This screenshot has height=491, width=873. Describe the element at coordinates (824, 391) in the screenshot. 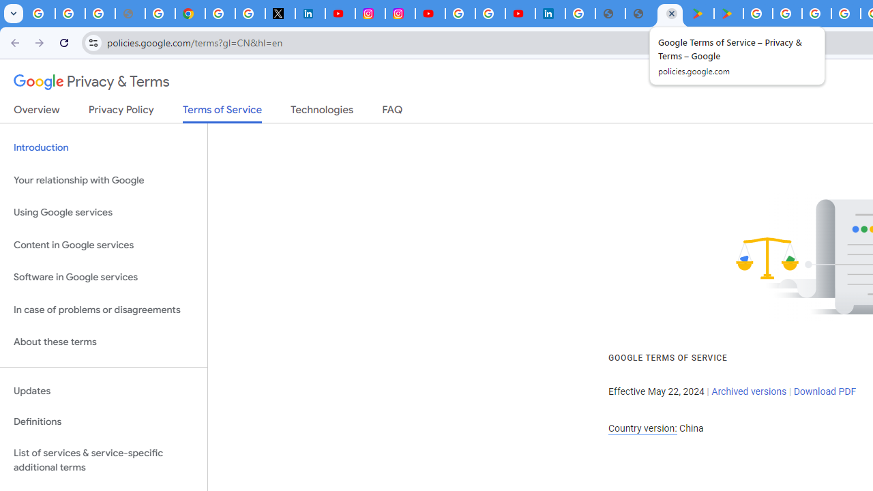

I see `'Download PDF'` at that location.